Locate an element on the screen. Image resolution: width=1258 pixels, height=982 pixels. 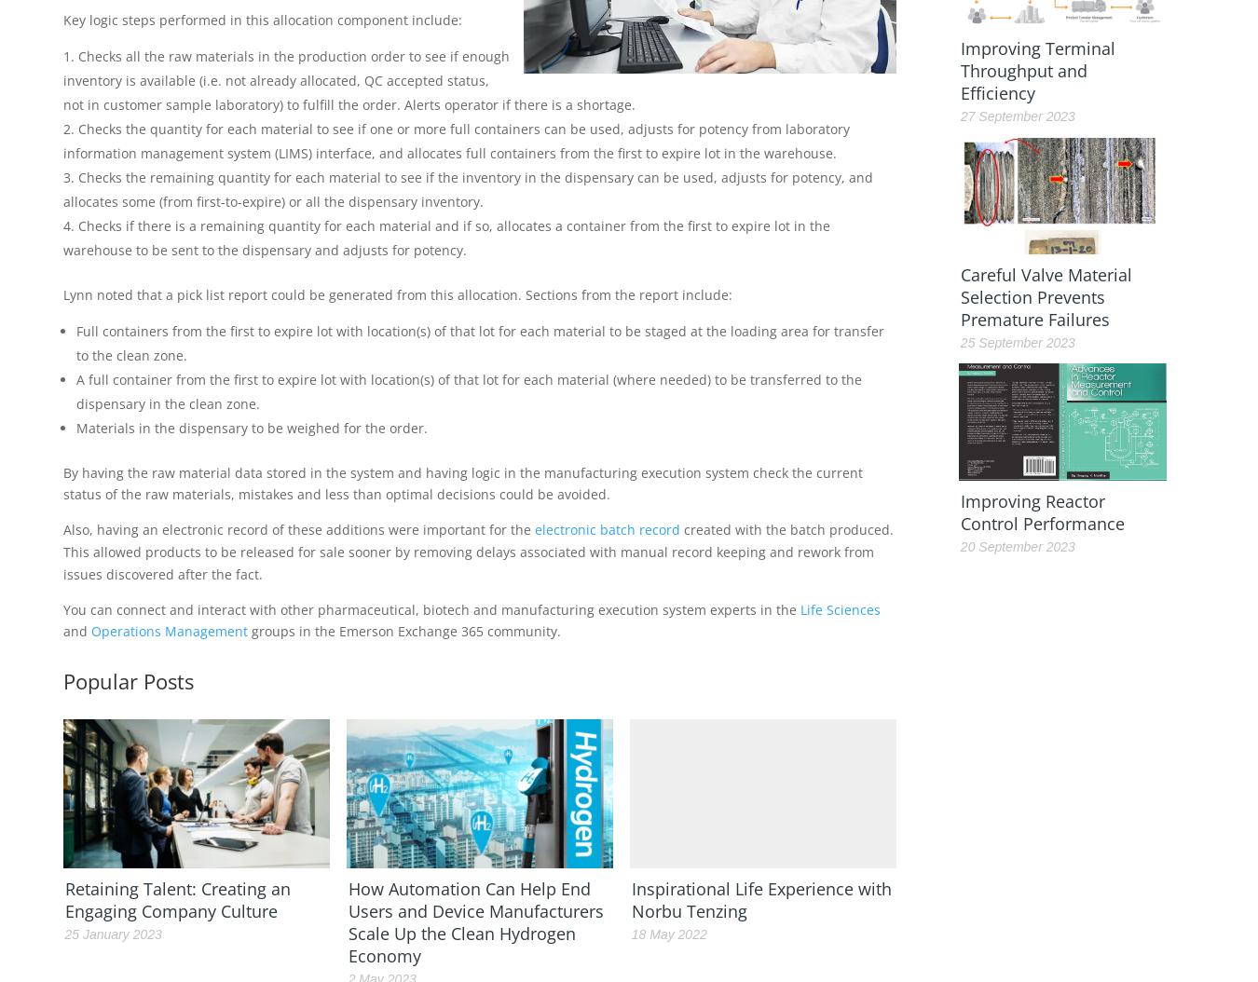
'A full container from the first to expire lot with location(s) of that lot for each material (where needed) to be transferred to the dispensary in the clean zone.' is located at coordinates (75, 389).